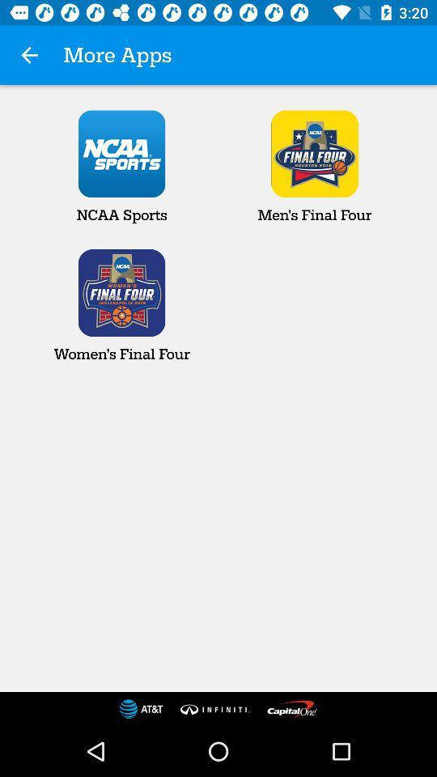 This screenshot has height=777, width=437. I want to click on the item next to men s final item, so click(121, 167).